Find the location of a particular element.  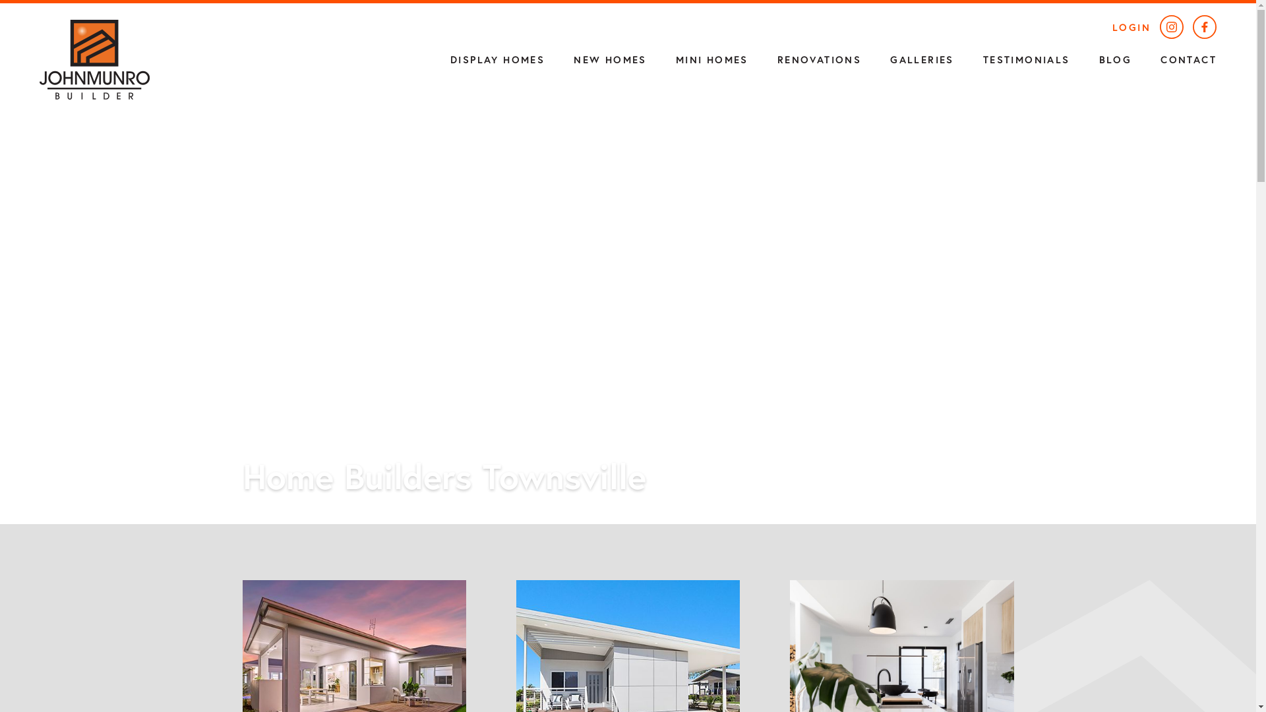

'TESTIMONIALS' is located at coordinates (1025, 58).